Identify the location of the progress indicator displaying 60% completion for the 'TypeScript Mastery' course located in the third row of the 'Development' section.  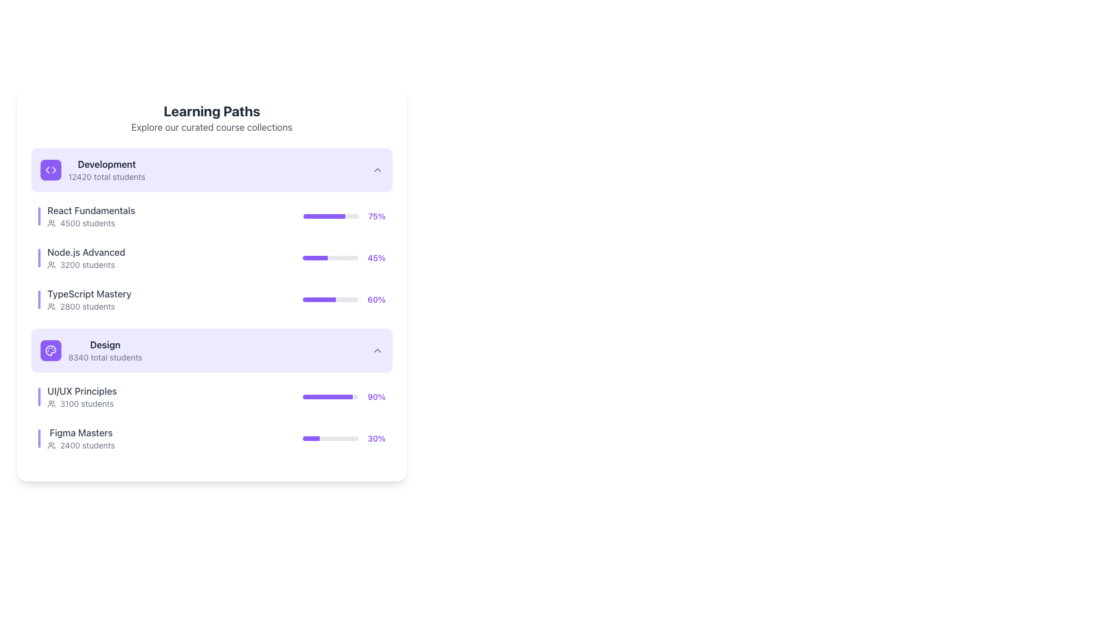
(343, 299).